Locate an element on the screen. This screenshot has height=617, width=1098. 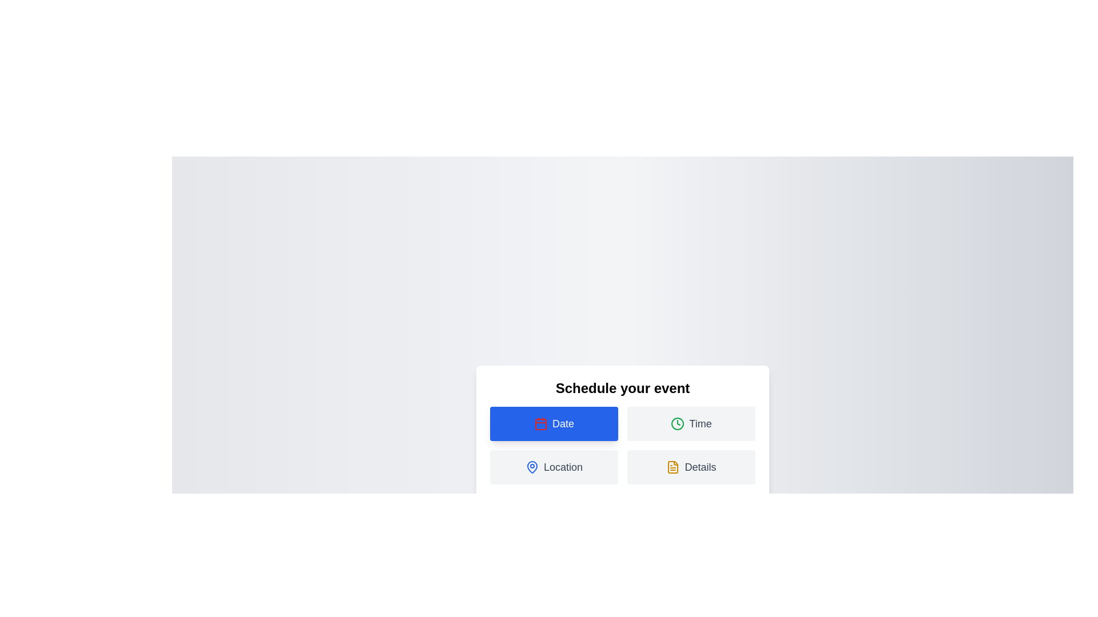
the rounded rectangle inside the calendar icon, which is part of the blue-highlighted button labeled 'Date' in the 'Schedule your event' section to trigger potential hover effects is located at coordinates (540, 424).